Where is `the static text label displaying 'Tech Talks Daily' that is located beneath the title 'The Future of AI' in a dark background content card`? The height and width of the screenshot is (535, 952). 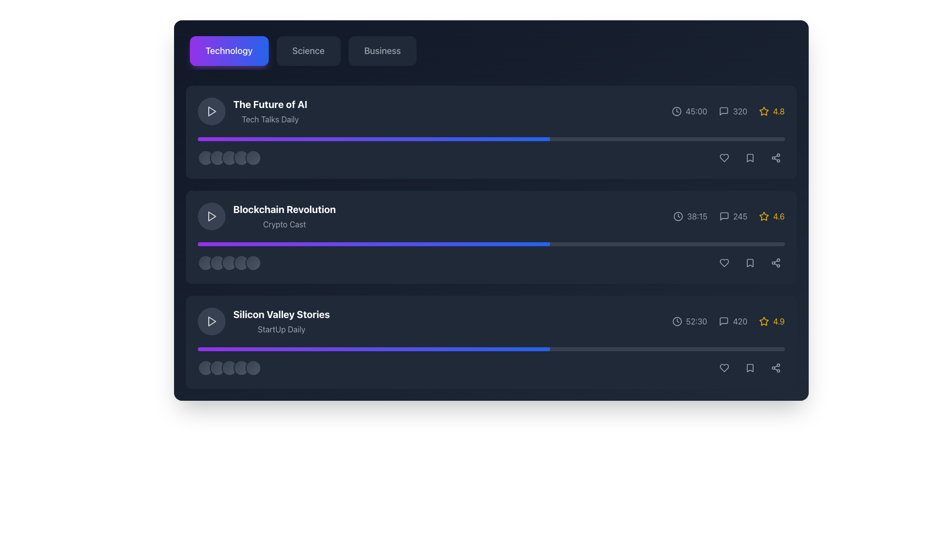 the static text label displaying 'Tech Talks Daily' that is located beneath the title 'The Future of AI' in a dark background content card is located at coordinates (270, 118).